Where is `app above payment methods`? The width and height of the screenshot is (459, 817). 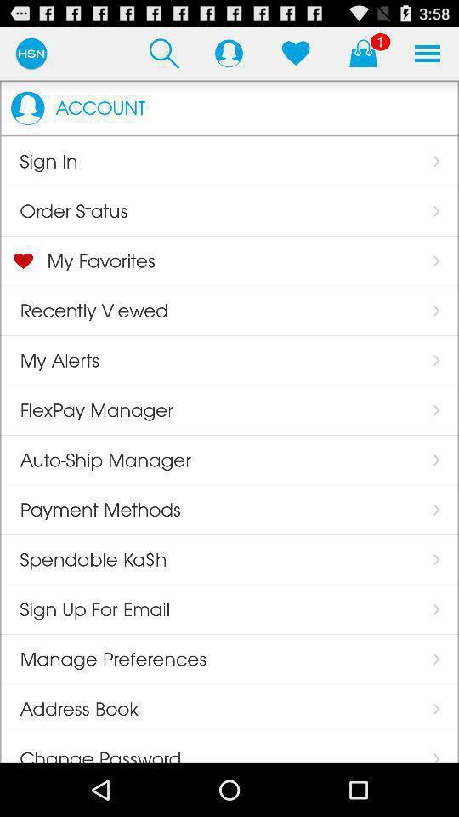 app above payment methods is located at coordinates (95, 459).